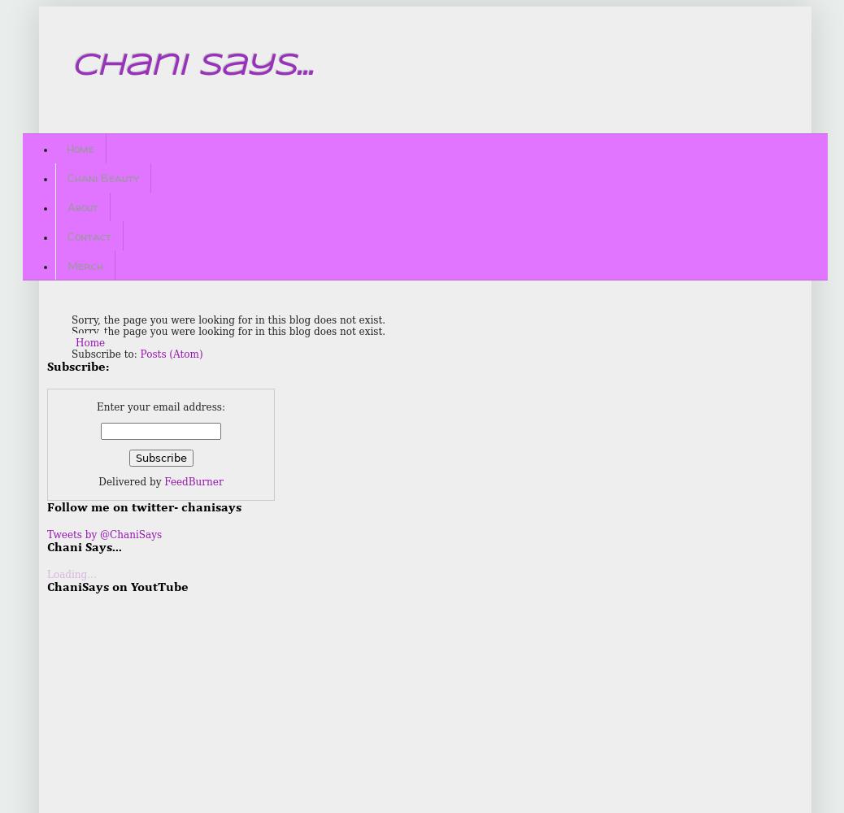  I want to click on 'Tweets by @ChaniSays', so click(103, 534).